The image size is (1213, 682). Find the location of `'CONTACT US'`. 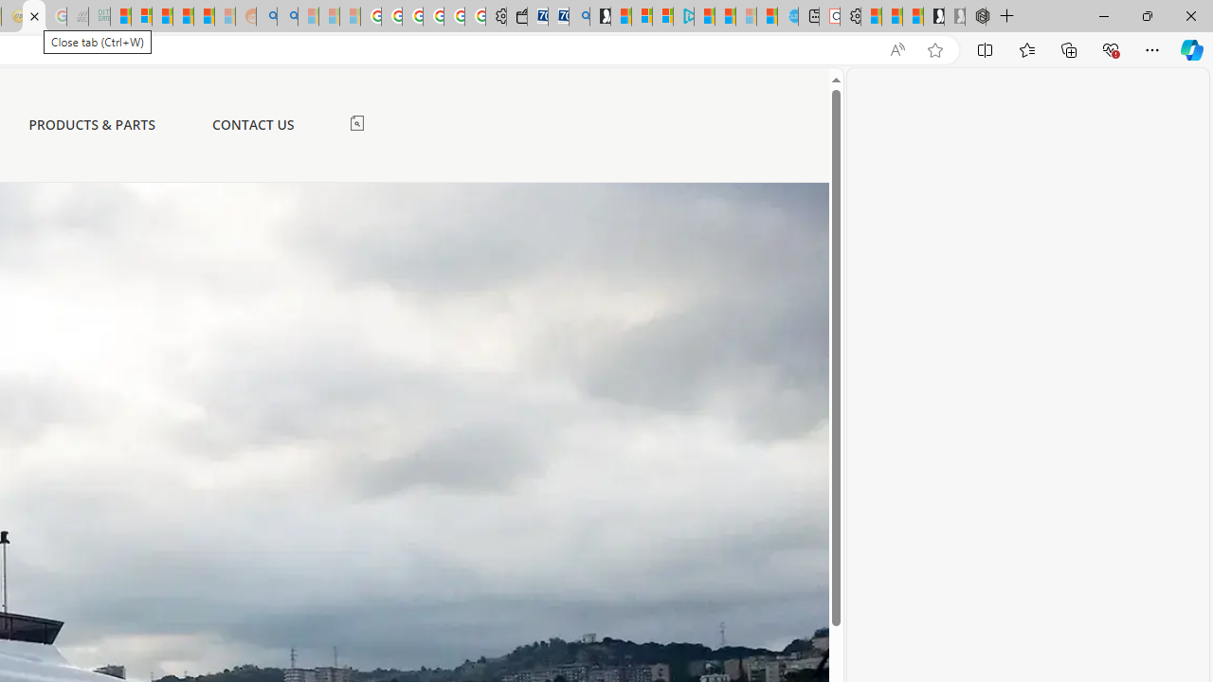

'CONTACT US' is located at coordinates (251, 124).